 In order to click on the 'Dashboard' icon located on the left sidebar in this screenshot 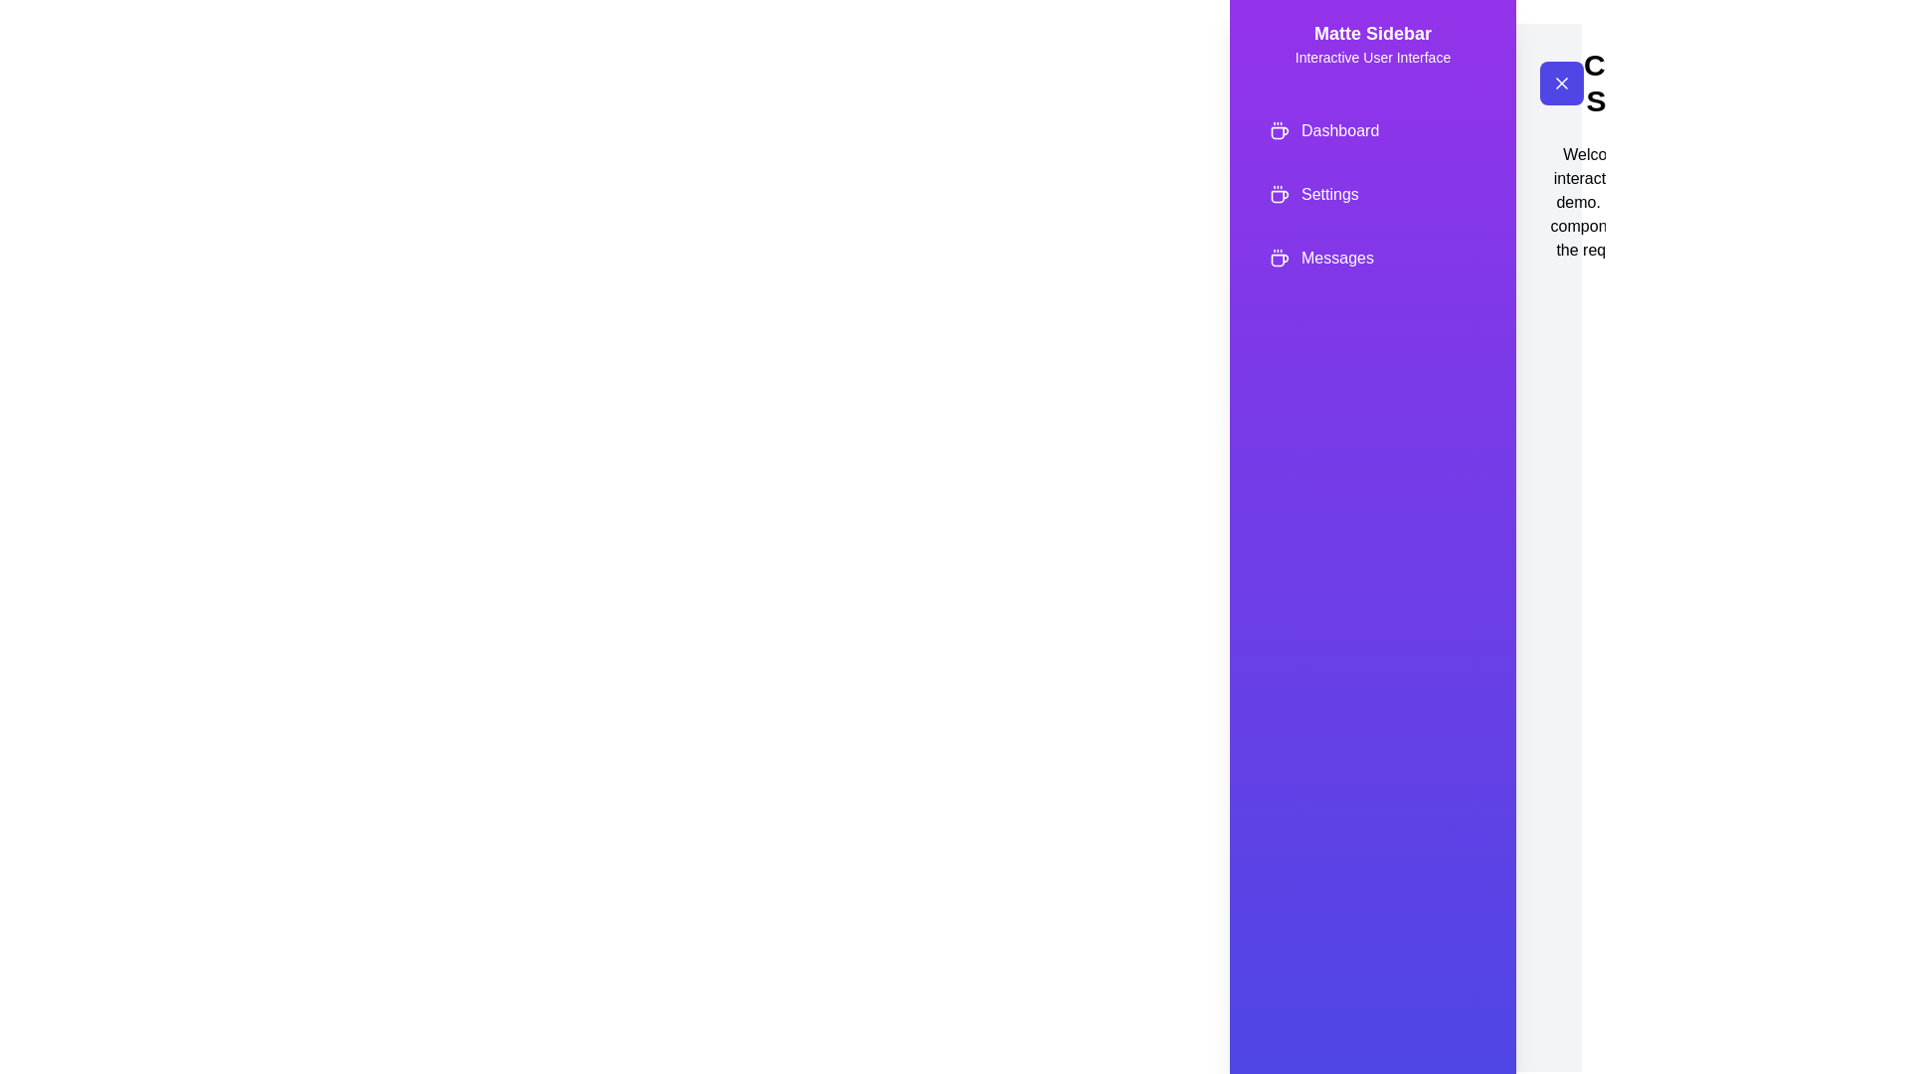, I will do `click(1279, 130)`.